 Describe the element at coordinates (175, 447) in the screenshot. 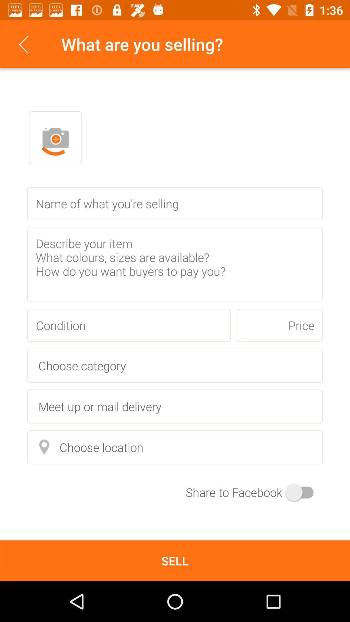

I see `the last field choose location` at that location.